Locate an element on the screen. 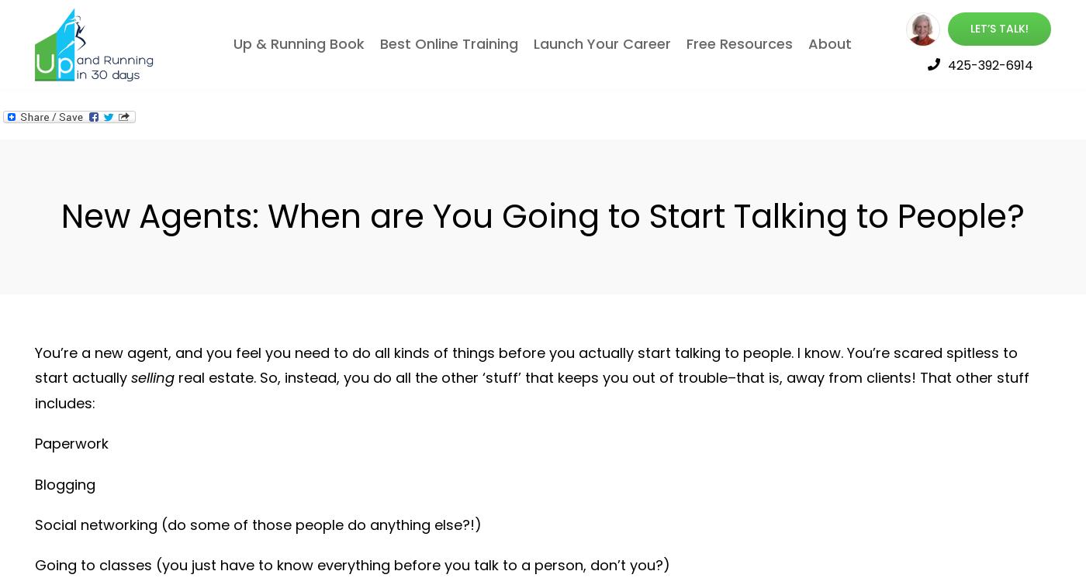  'About' is located at coordinates (830, 43).